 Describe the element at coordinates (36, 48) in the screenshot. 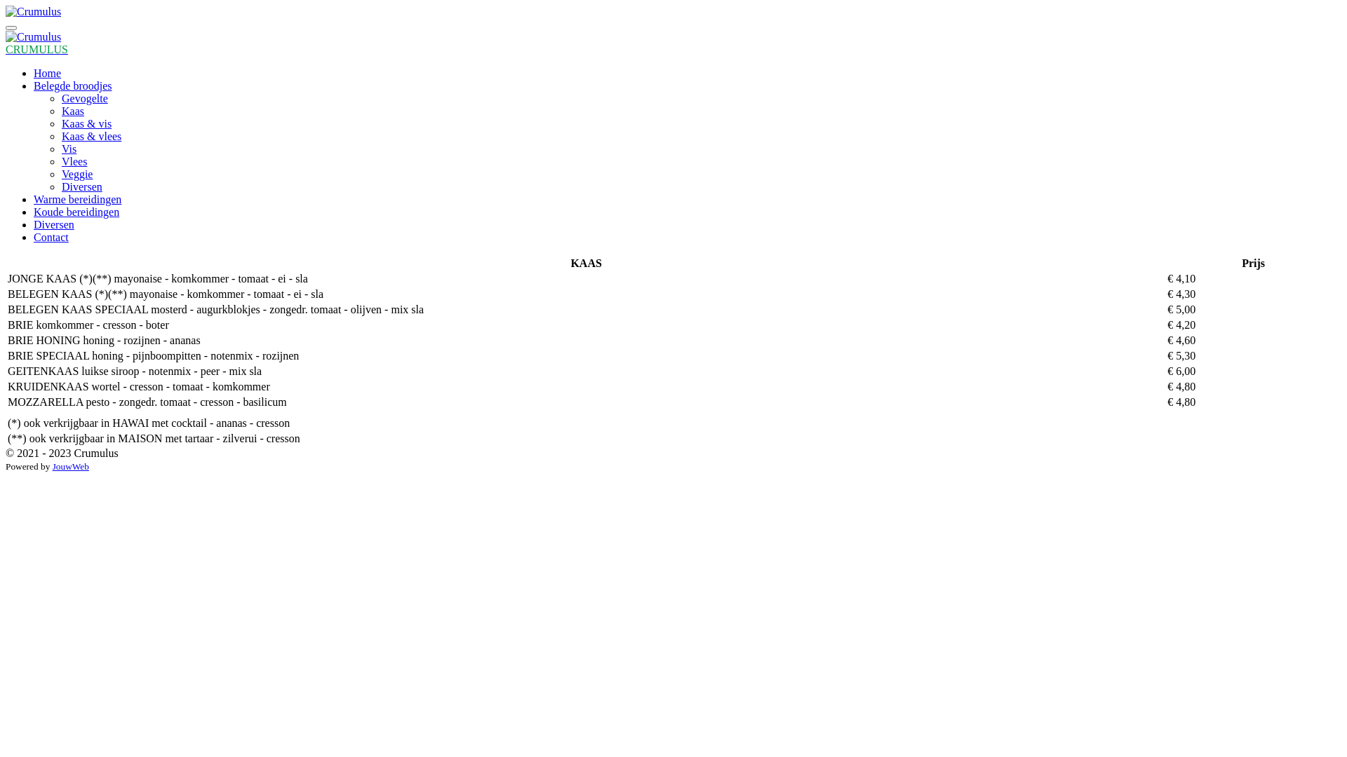

I see `'CRUMULUS'` at that location.